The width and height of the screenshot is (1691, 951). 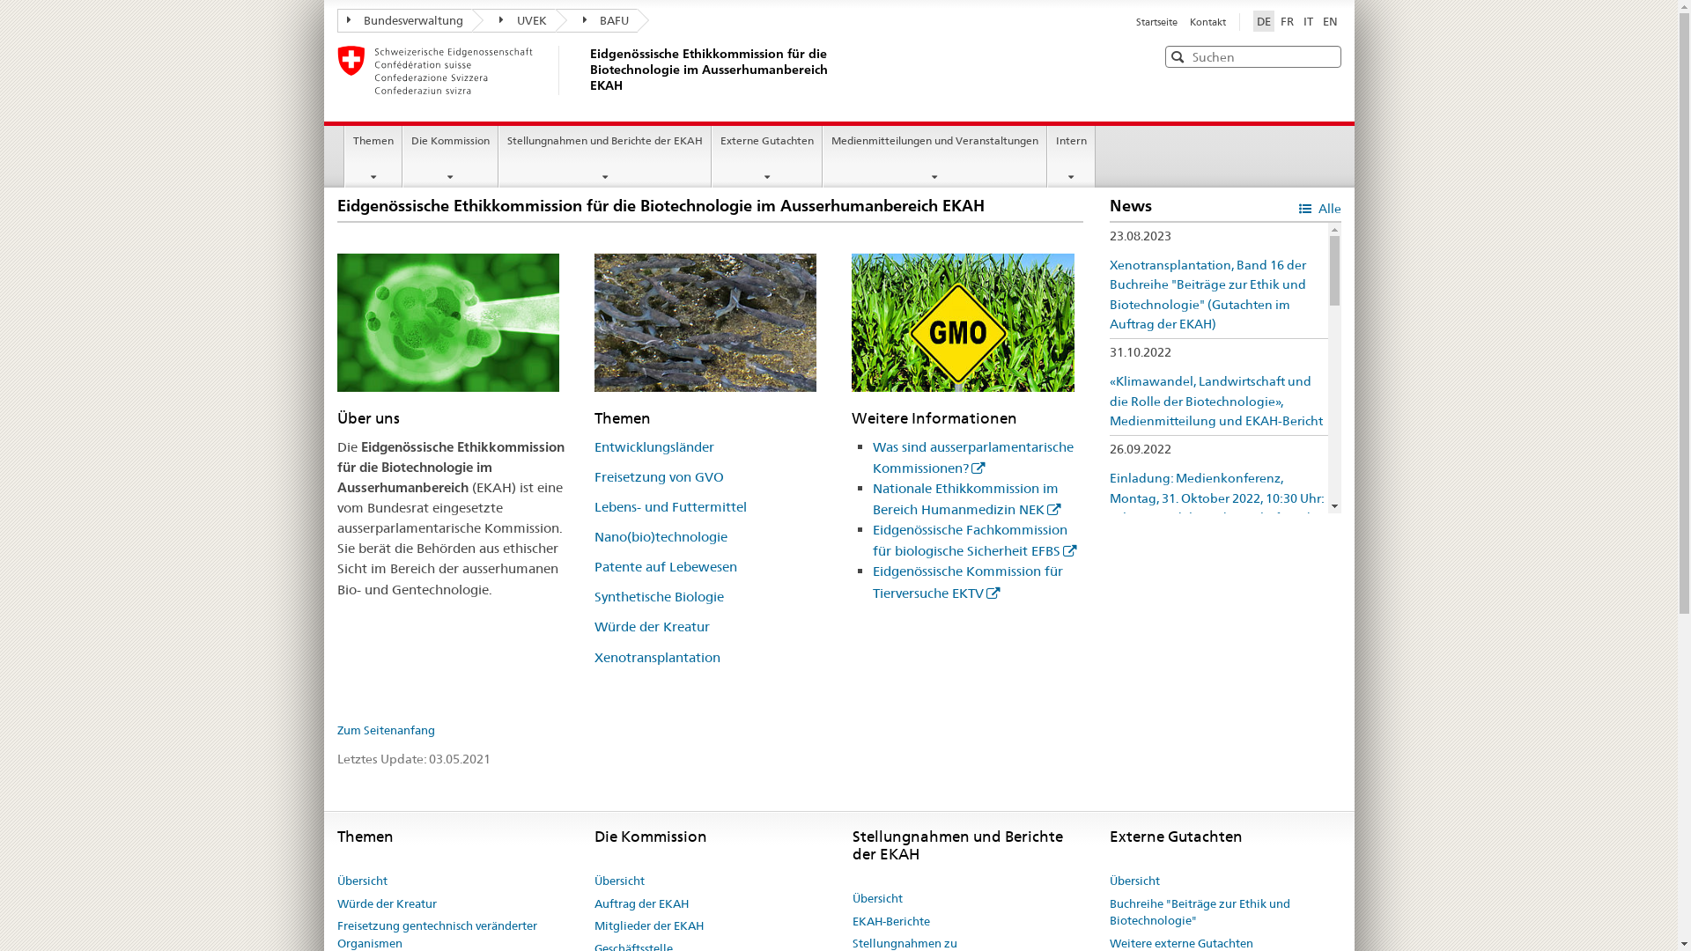 What do you see at coordinates (669, 506) in the screenshot?
I see `'Lebens- und Futtermittel'` at bounding box center [669, 506].